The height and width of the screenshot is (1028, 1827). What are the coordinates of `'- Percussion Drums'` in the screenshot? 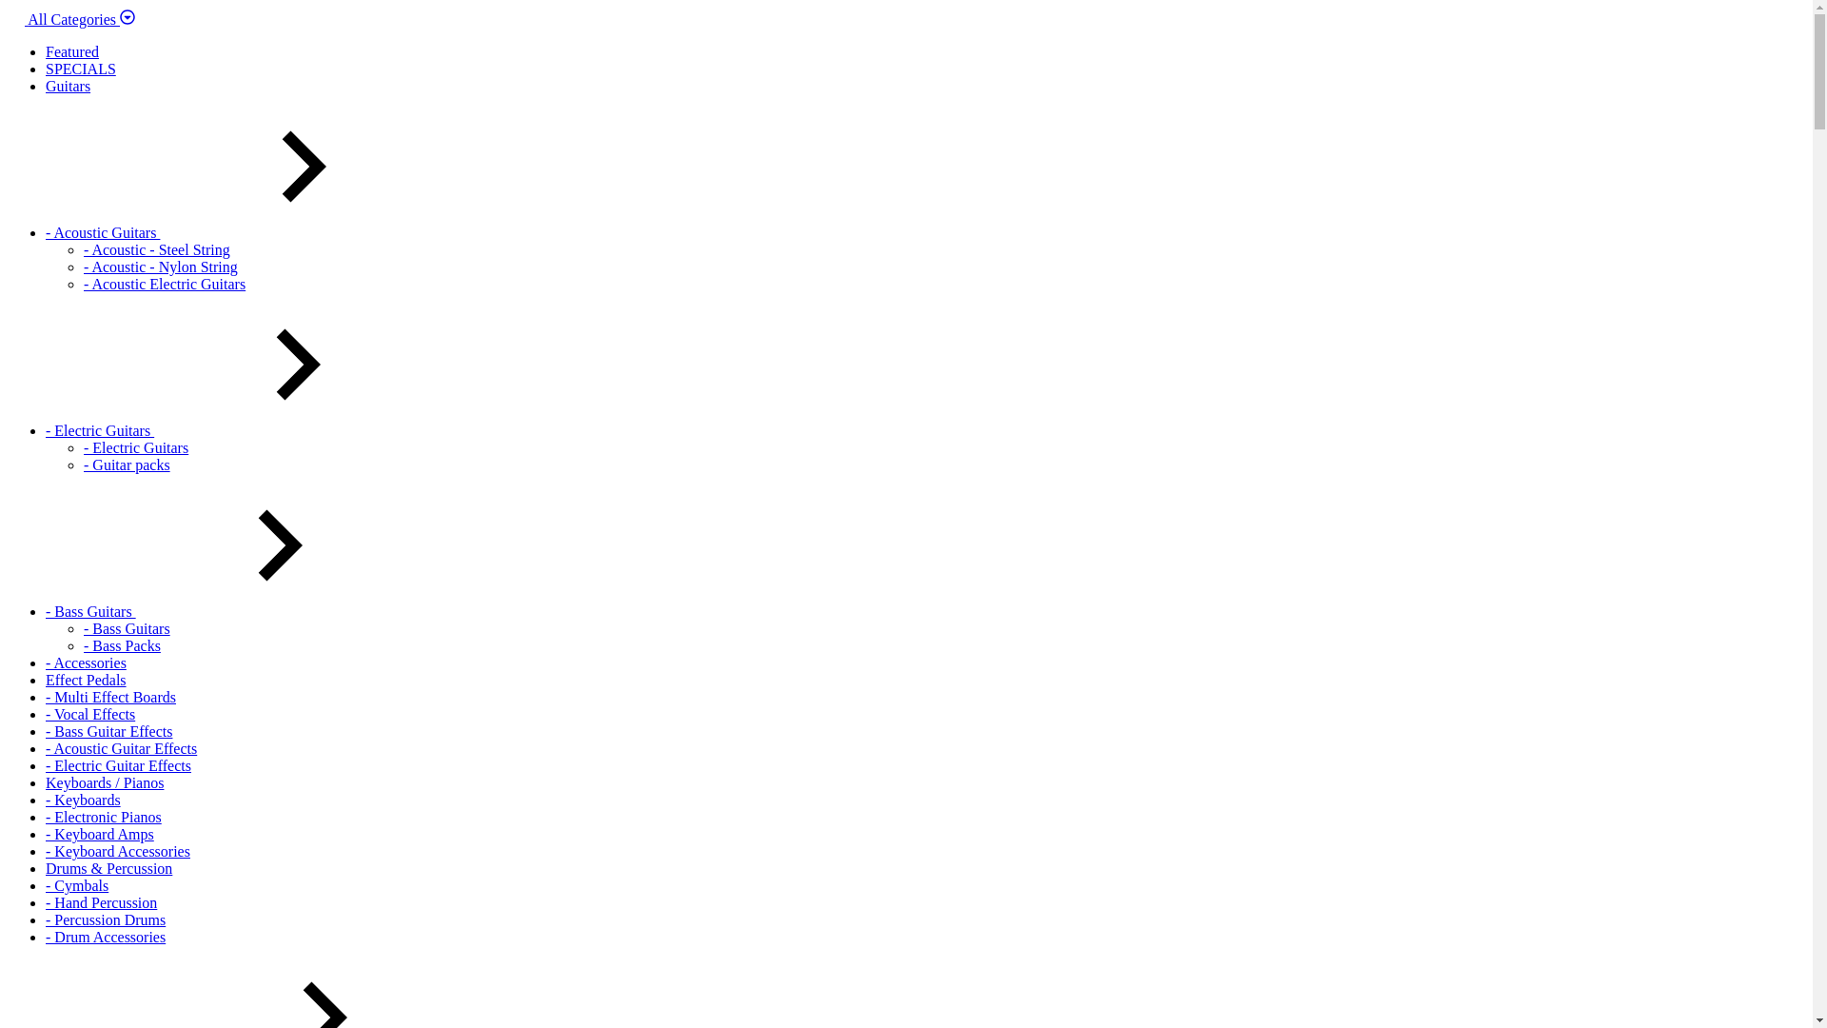 It's located at (46, 919).